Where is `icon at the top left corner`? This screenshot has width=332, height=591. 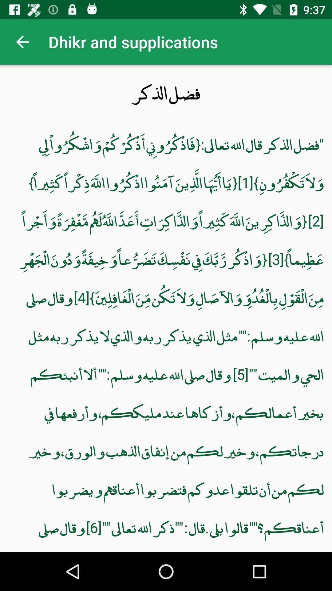
icon at the top left corner is located at coordinates (22, 42).